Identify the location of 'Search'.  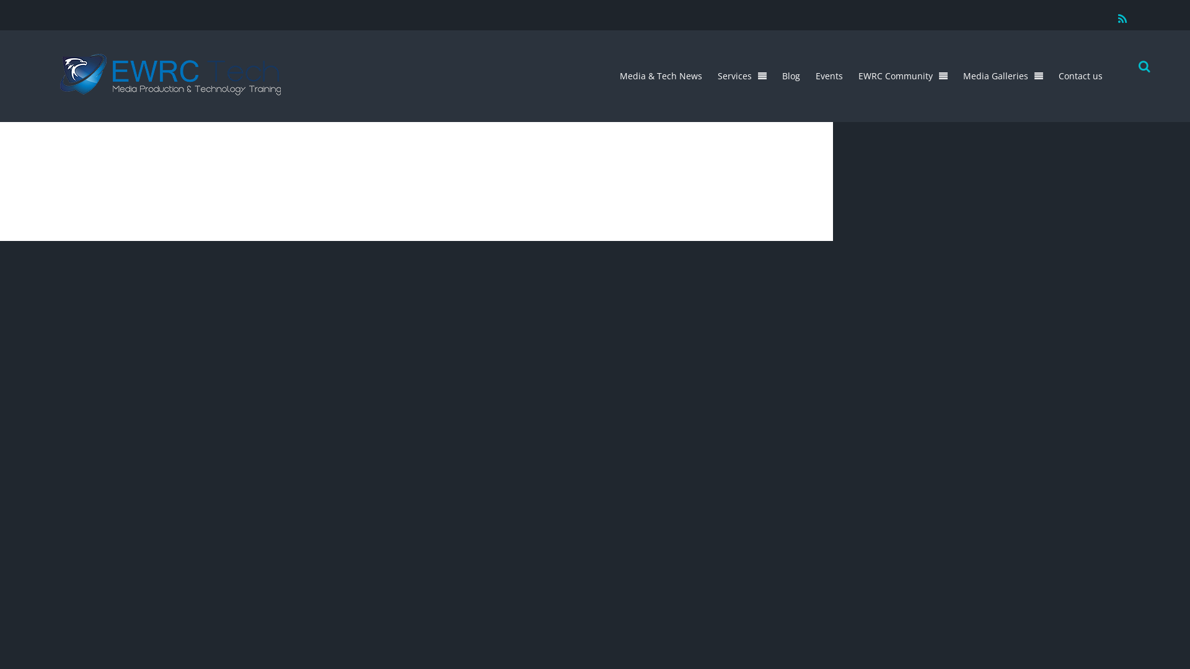
(1141, 67).